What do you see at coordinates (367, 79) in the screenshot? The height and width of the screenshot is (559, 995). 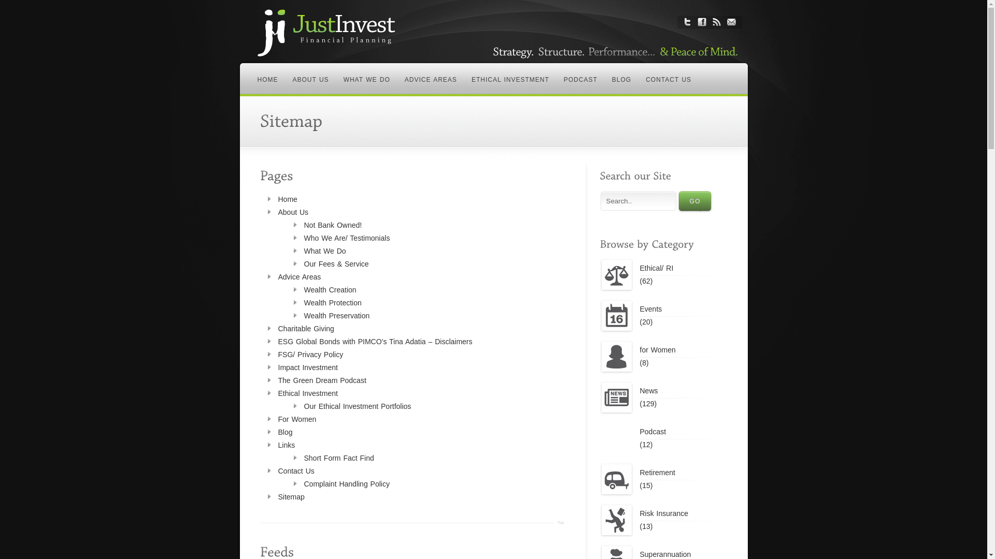 I see `'WHAT WE DO'` at bounding box center [367, 79].